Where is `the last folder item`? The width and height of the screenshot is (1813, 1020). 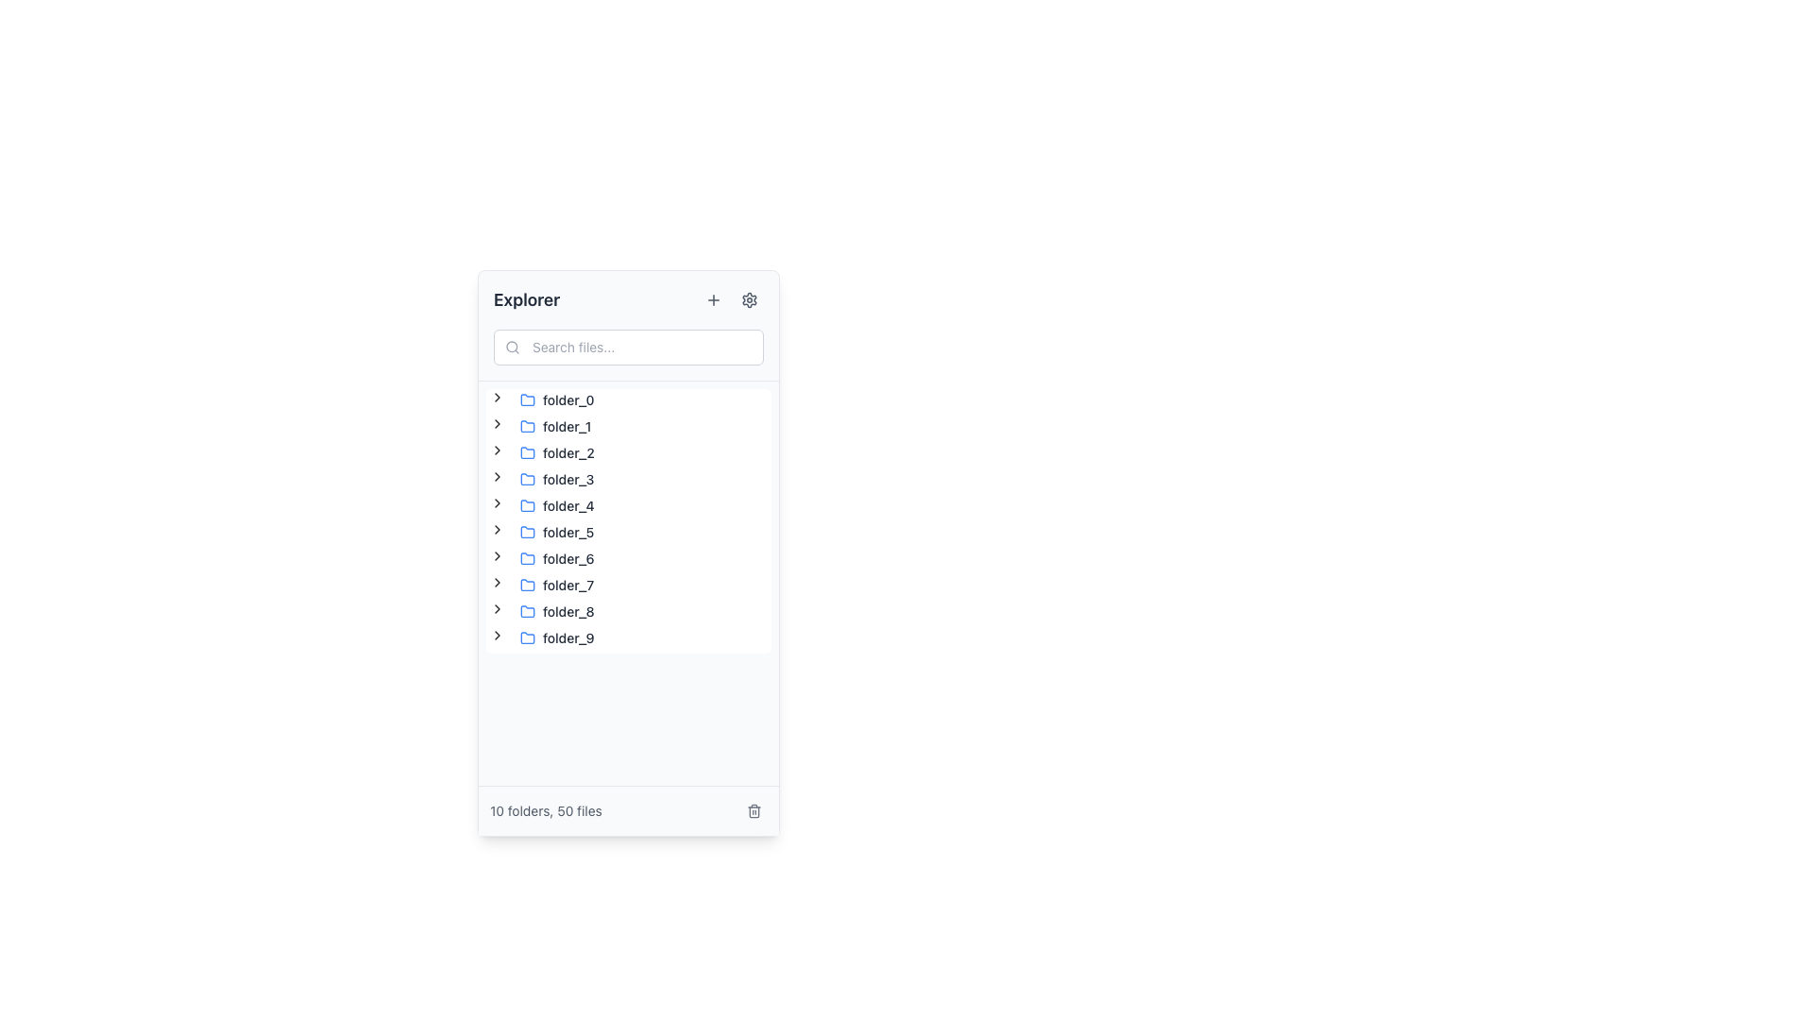 the last folder item is located at coordinates (543, 637).